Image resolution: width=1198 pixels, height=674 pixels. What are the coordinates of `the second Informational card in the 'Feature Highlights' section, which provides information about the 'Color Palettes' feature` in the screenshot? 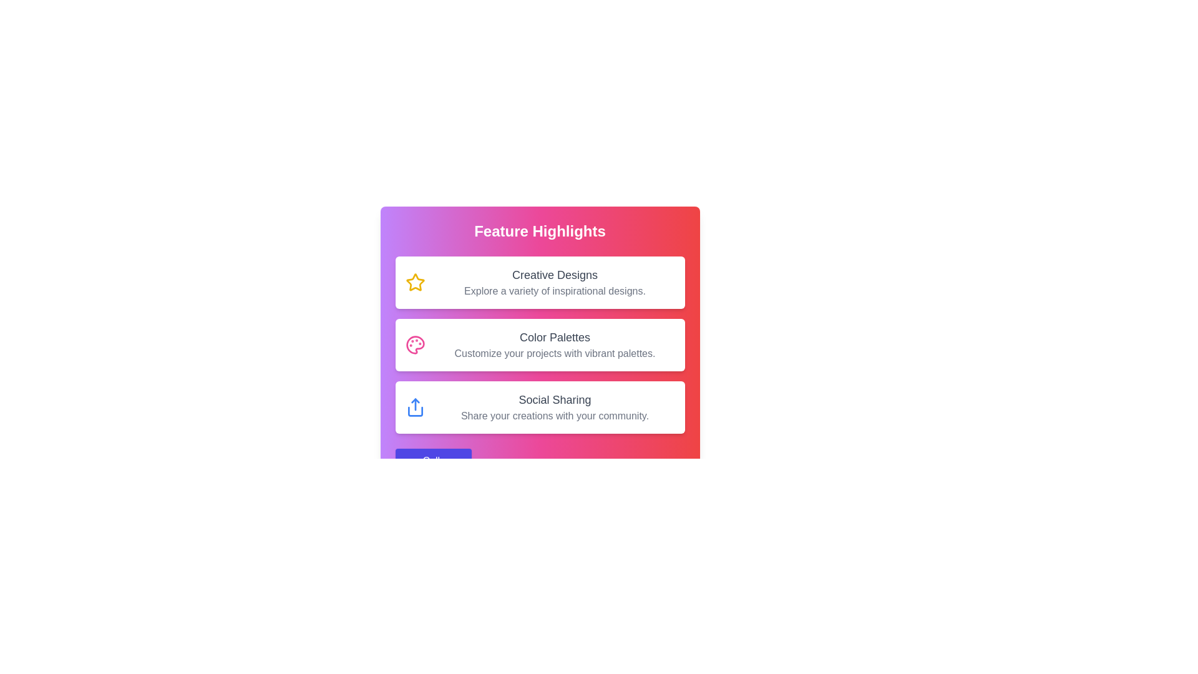 It's located at (540, 344).